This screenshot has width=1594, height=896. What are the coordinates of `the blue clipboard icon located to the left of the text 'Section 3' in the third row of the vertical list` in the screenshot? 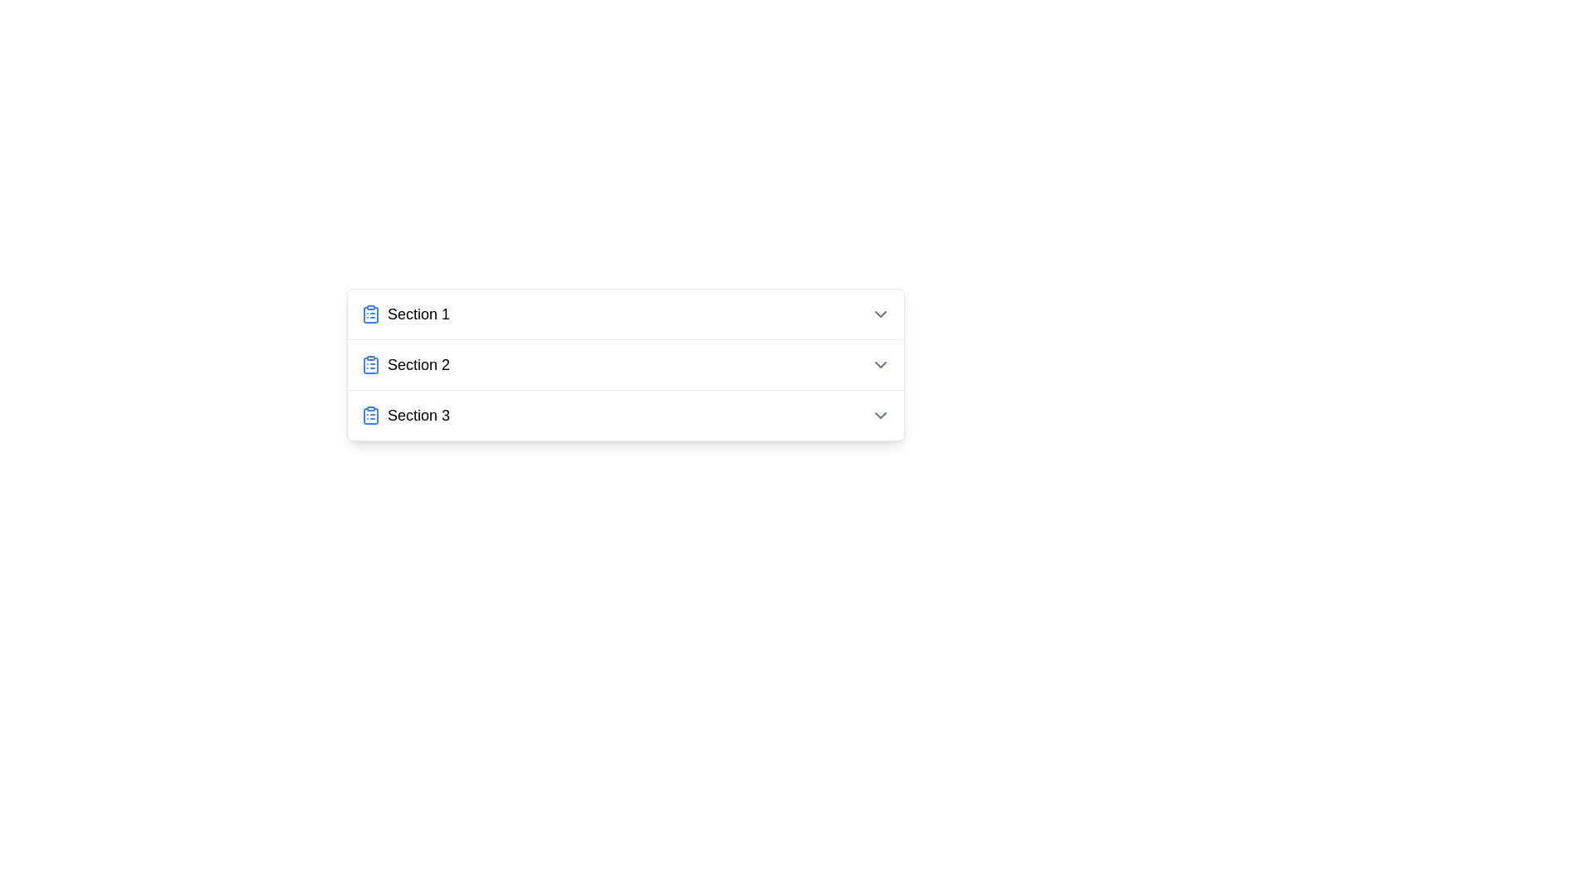 It's located at (369, 415).